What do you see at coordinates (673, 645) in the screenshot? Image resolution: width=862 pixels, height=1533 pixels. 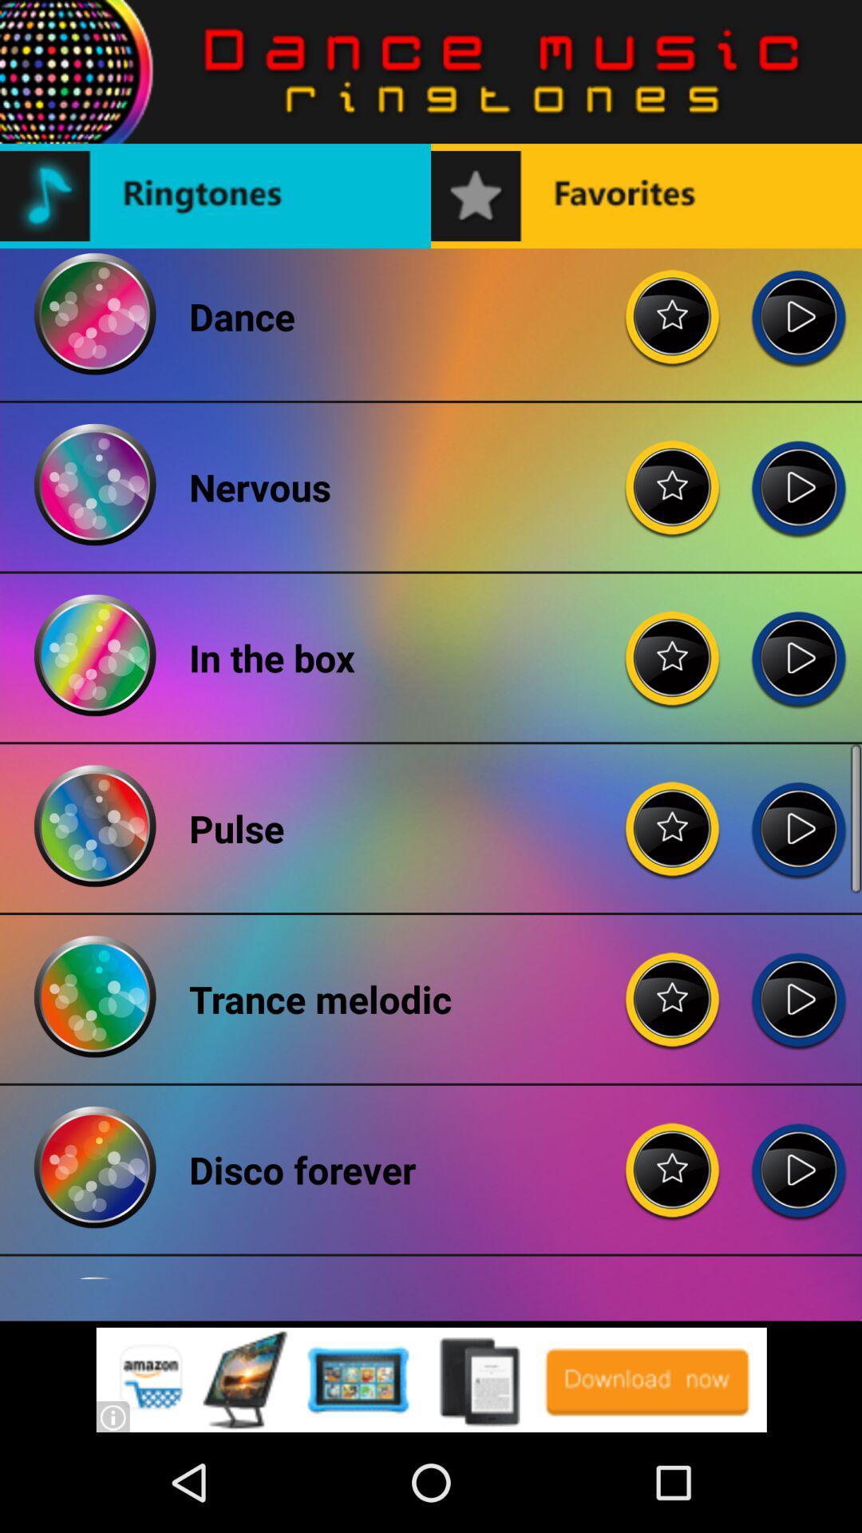 I see `favorite` at bounding box center [673, 645].